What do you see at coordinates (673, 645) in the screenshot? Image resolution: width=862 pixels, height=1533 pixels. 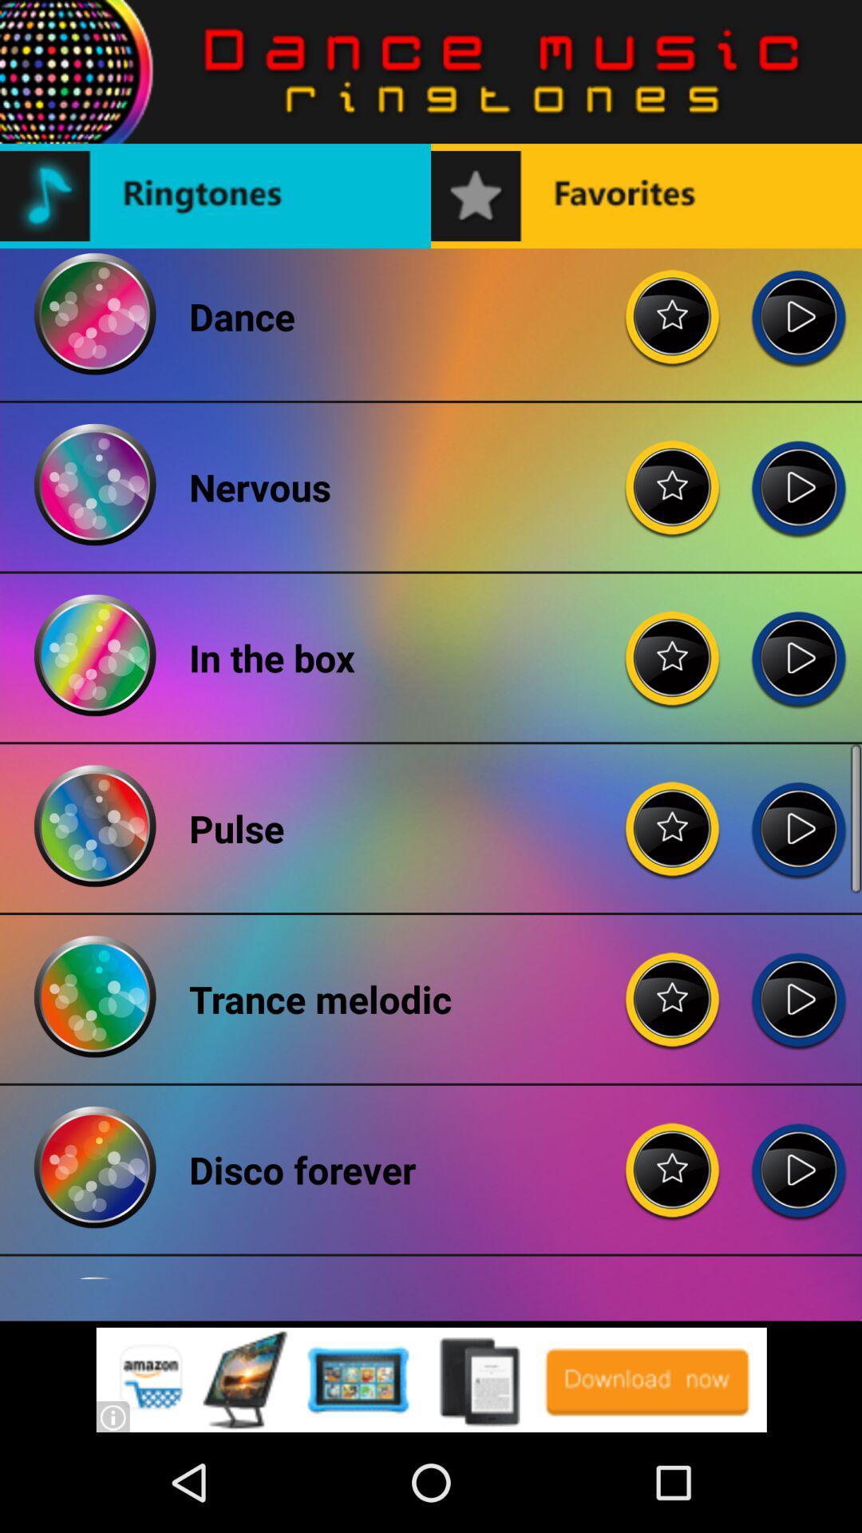 I see `favorite` at bounding box center [673, 645].